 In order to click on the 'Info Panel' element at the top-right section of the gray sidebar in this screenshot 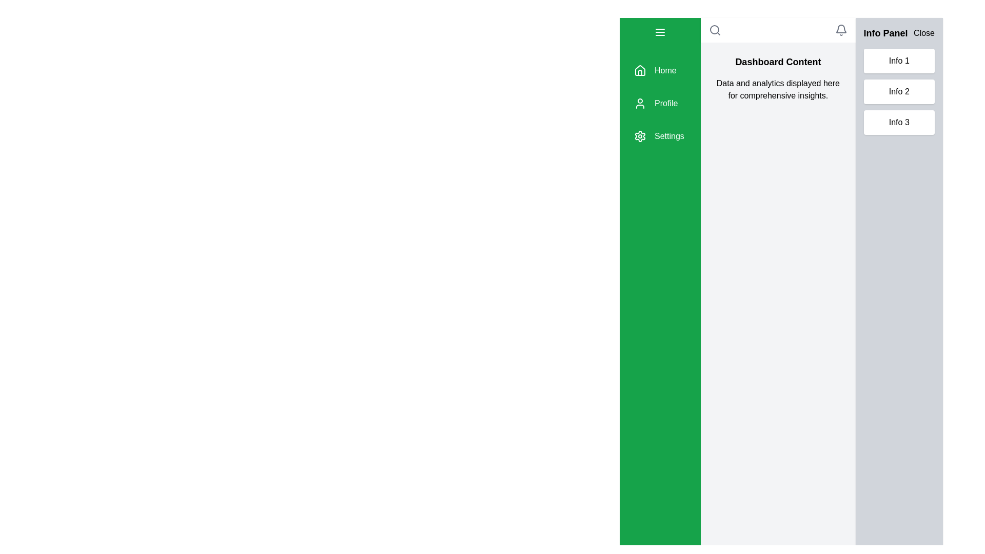, I will do `click(898, 33)`.